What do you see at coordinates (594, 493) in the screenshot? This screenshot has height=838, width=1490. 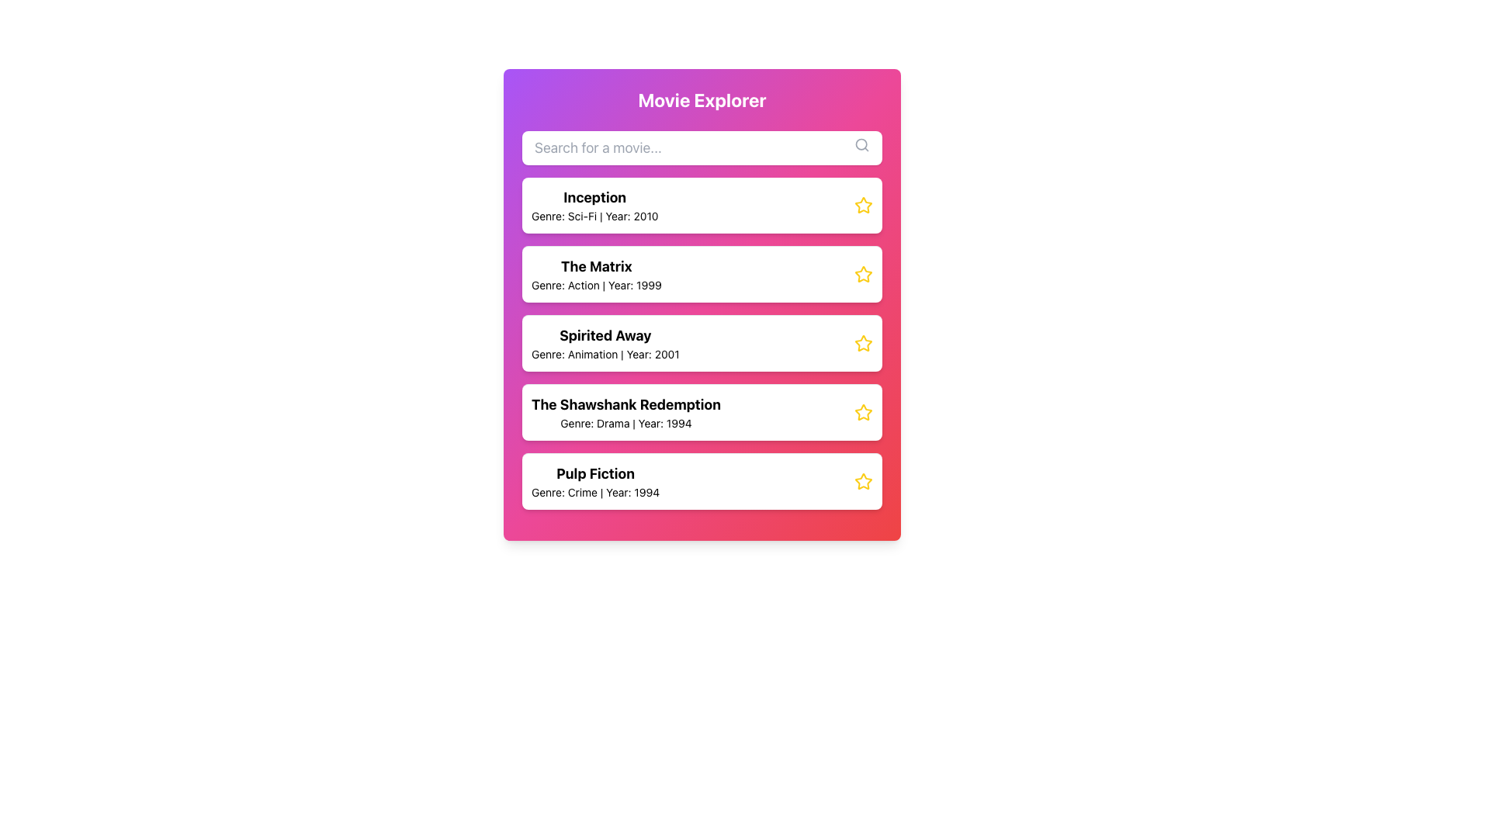 I see `text label displaying the genre and year details of the movie 'Pulp Fiction', which is located below the title in the last white card component` at bounding box center [594, 493].